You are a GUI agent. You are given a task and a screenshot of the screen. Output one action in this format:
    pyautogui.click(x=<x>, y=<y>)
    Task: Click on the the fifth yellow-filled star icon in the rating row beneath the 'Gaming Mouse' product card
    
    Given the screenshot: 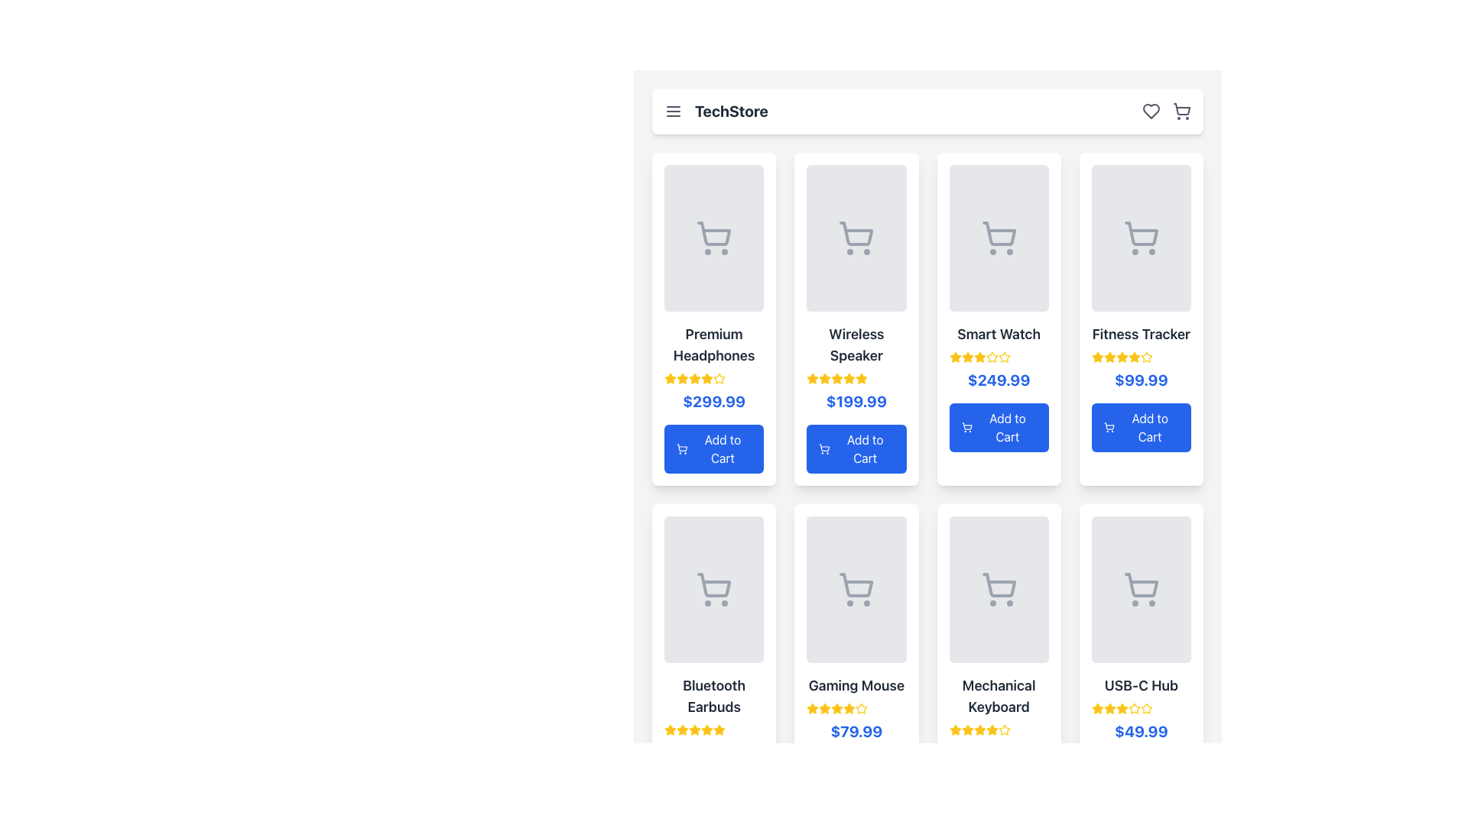 What is the action you would take?
    pyautogui.click(x=849, y=709)
    